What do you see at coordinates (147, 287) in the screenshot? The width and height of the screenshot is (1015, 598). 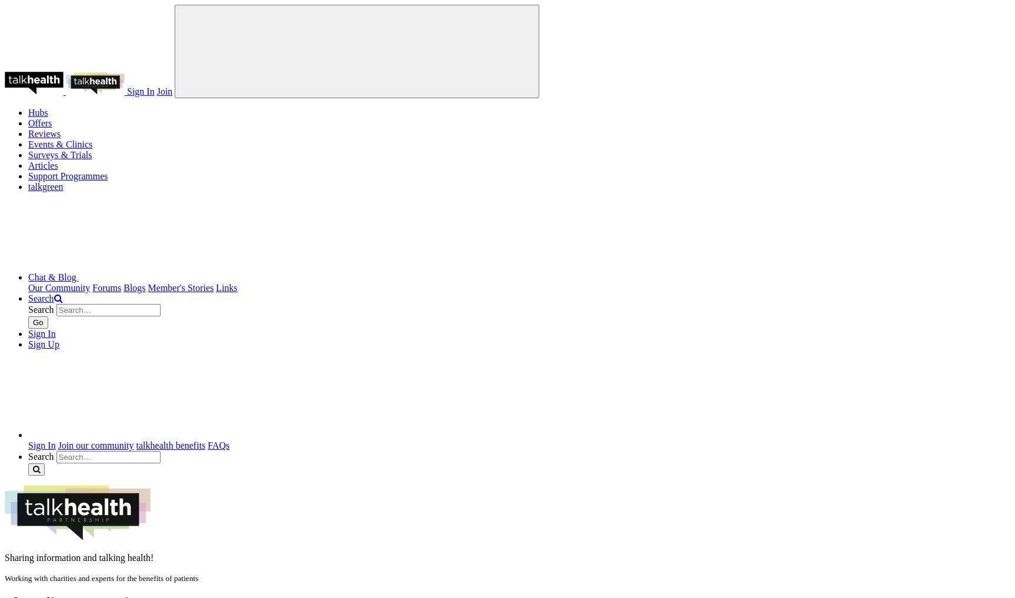 I see `'Member's Stories'` at bounding box center [147, 287].